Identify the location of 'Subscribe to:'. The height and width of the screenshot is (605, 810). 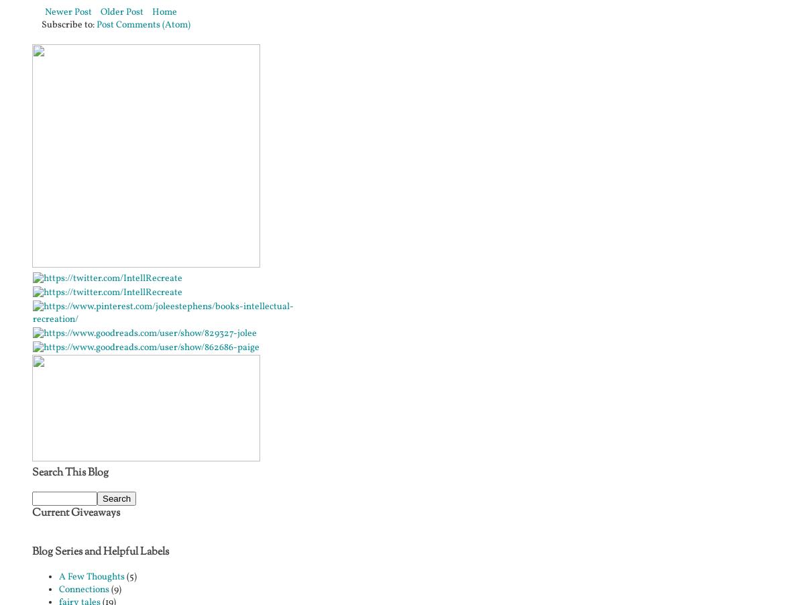
(68, 23).